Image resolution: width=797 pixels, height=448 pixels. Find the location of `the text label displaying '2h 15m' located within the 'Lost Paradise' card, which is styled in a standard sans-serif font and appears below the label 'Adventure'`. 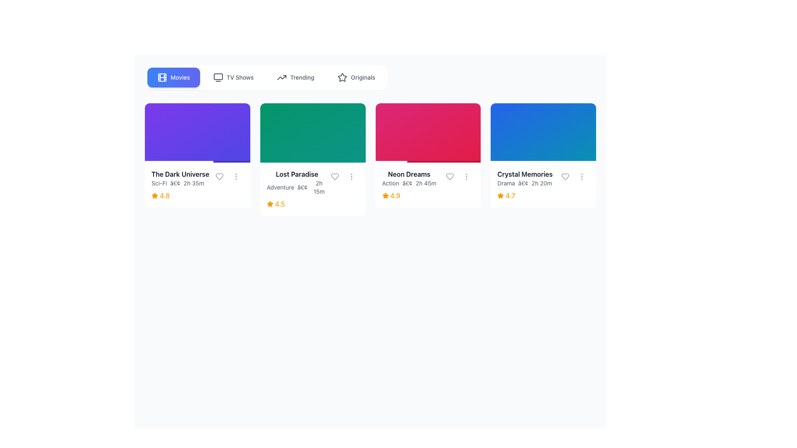

the text label displaying '2h 15m' located within the 'Lost Paradise' card, which is styled in a standard sans-serif font and appears below the label 'Adventure' is located at coordinates (318, 187).